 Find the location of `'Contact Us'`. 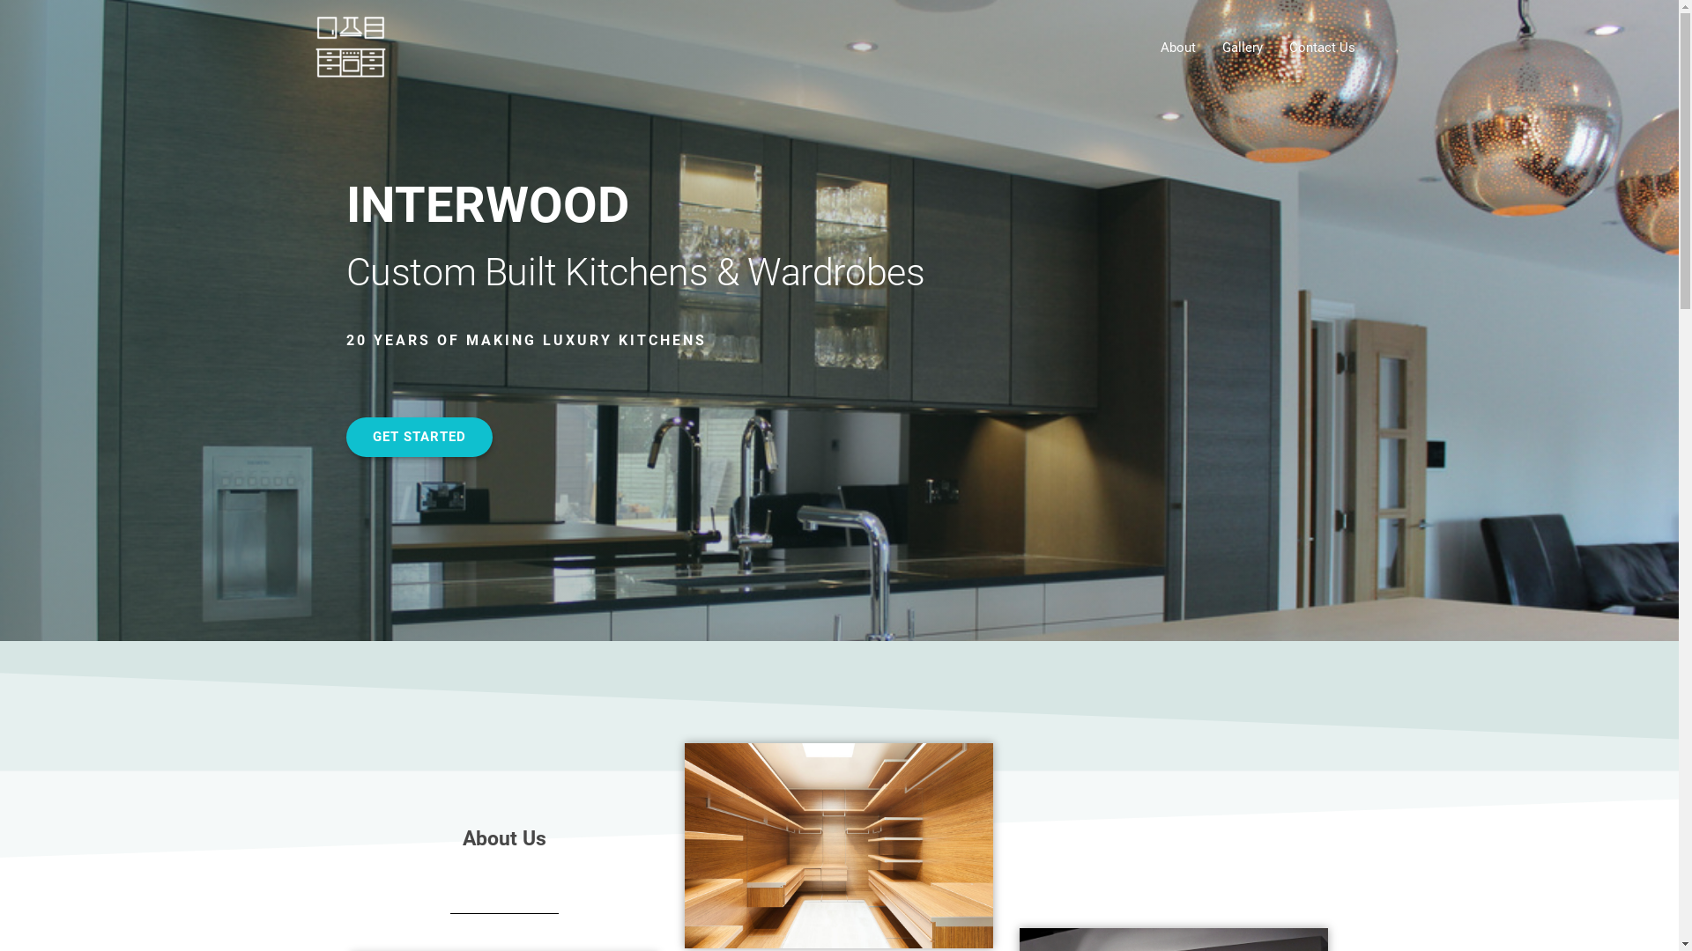

'Contact Us' is located at coordinates (1322, 47).